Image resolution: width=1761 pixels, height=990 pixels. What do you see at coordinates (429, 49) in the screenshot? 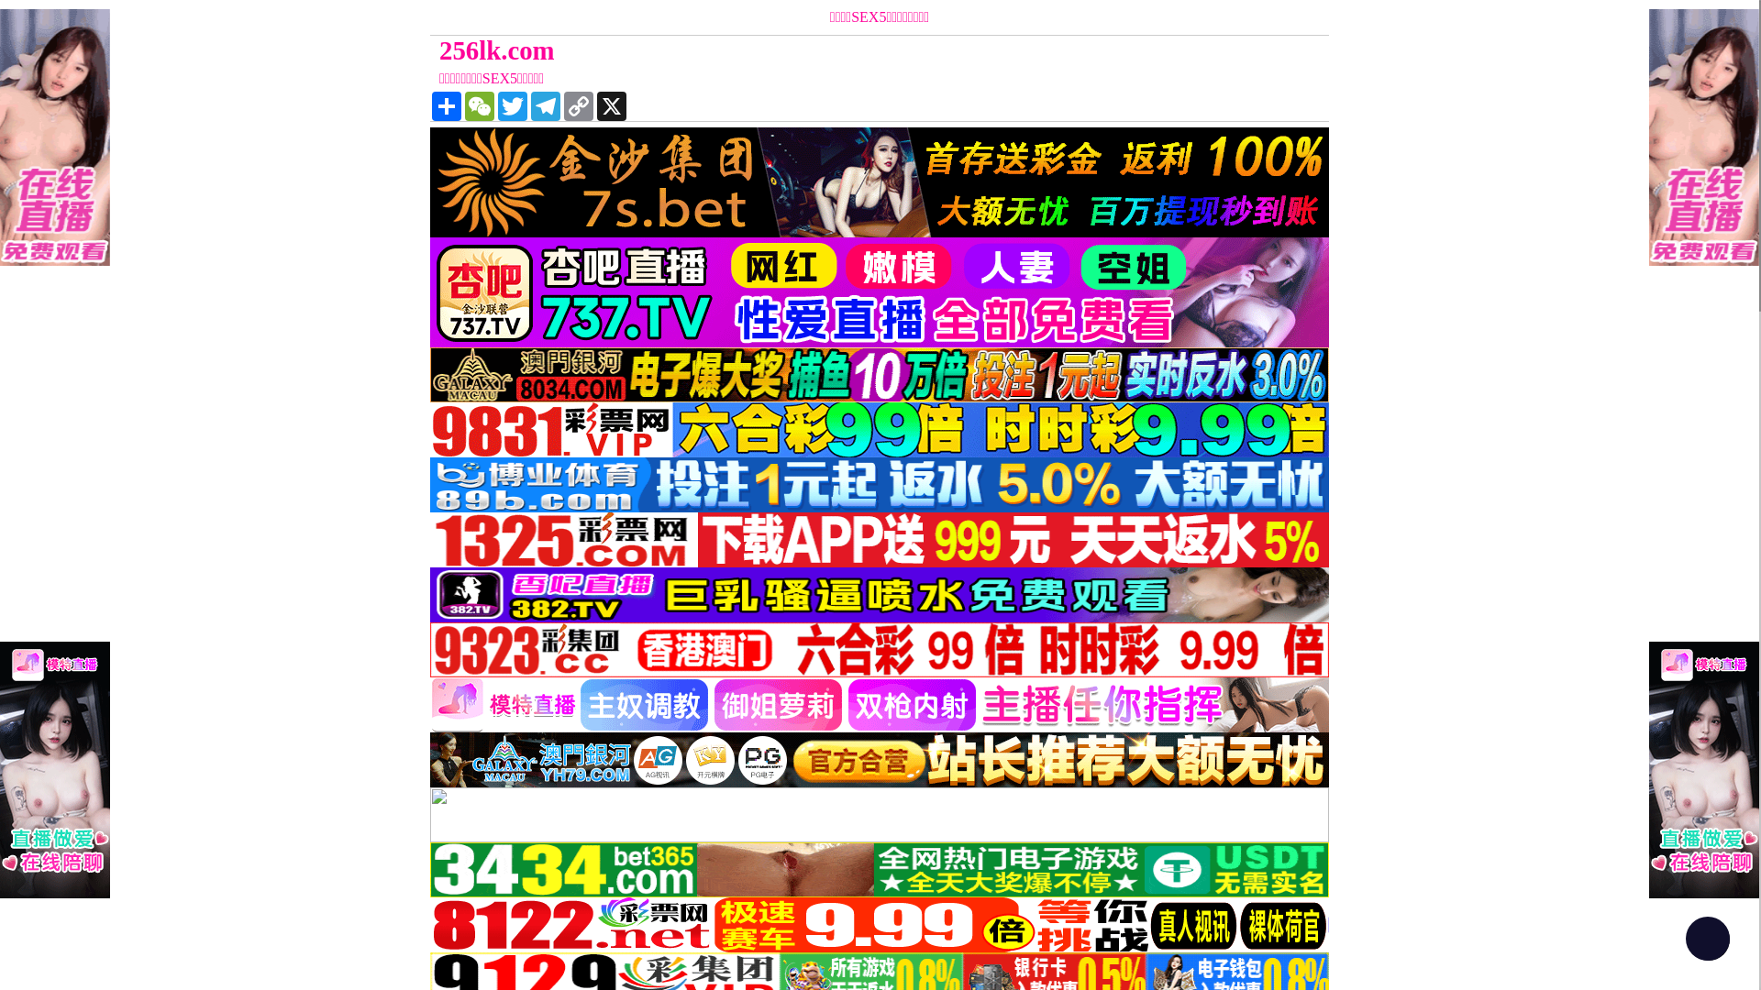
I see `'256lk.com'` at bounding box center [429, 49].